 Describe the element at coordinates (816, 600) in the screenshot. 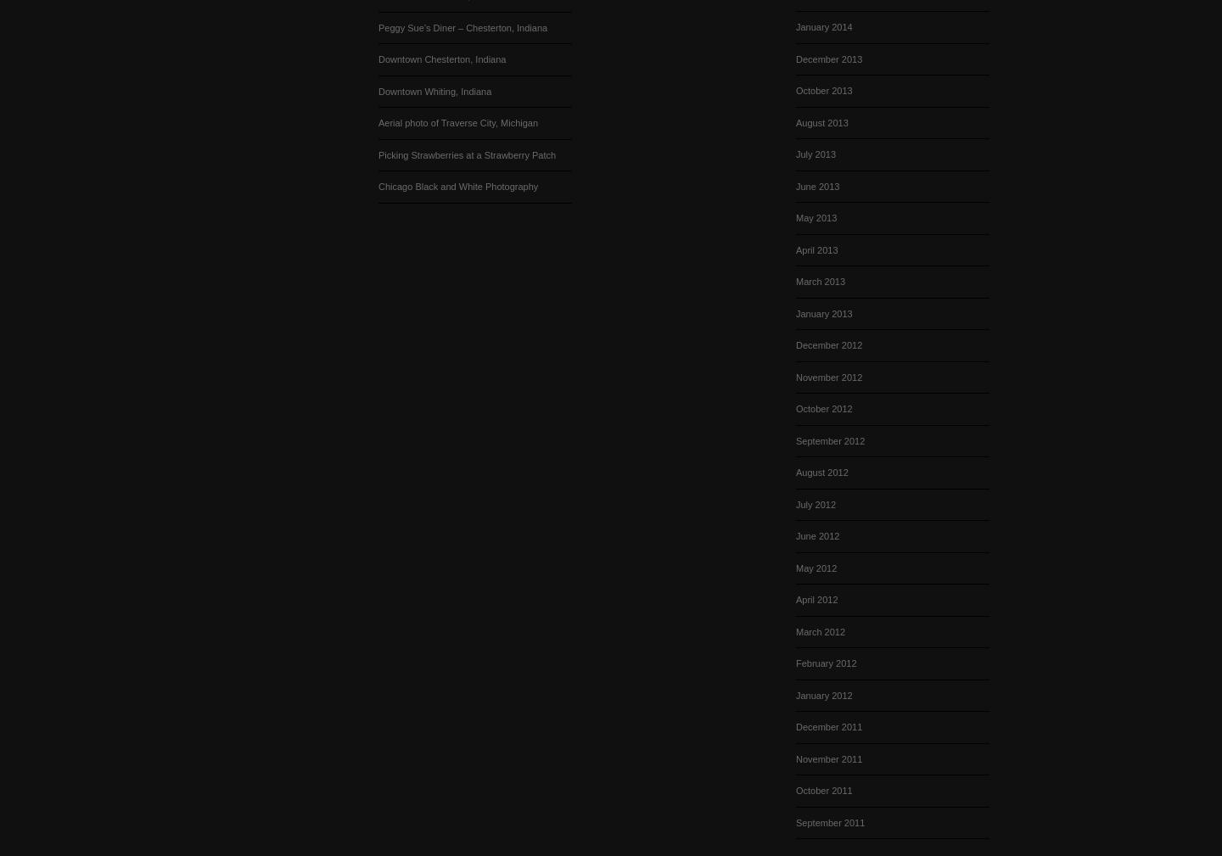

I see `'April 2012'` at that location.